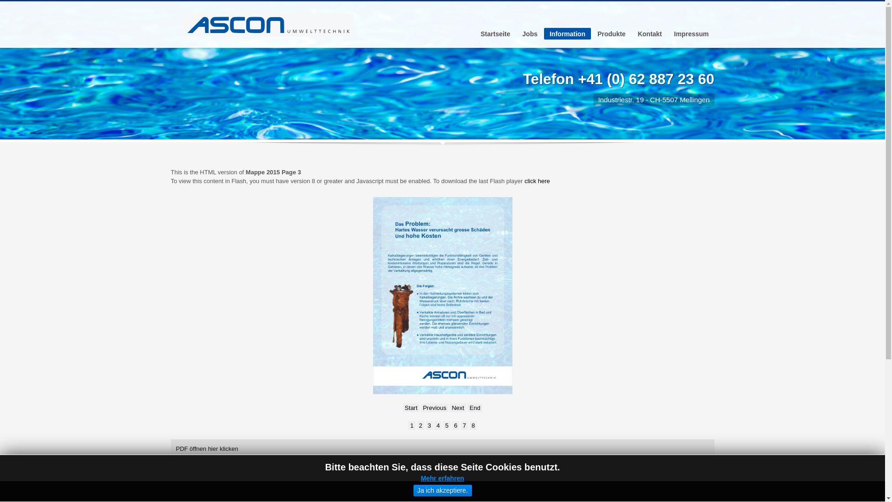 Image resolution: width=892 pixels, height=502 pixels. Describe the element at coordinates (458, 407) in the screenshot. I see `'Next'` at that location.